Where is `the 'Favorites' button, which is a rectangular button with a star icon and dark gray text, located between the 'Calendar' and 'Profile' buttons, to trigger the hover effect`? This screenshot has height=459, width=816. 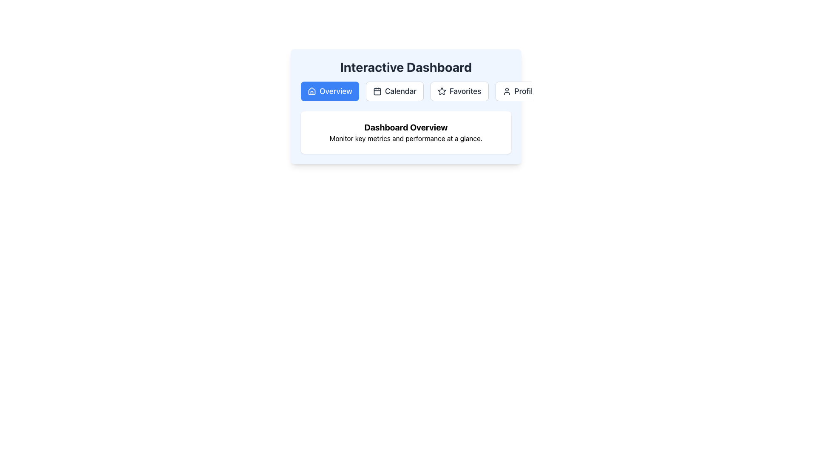
the 'Favorites' button, which is a rectangular button with a star icon and dark gray text, located between the 'Calendar' and 'Profile' buttons, to trigger the hover effect is located at coordinates (459, 91).